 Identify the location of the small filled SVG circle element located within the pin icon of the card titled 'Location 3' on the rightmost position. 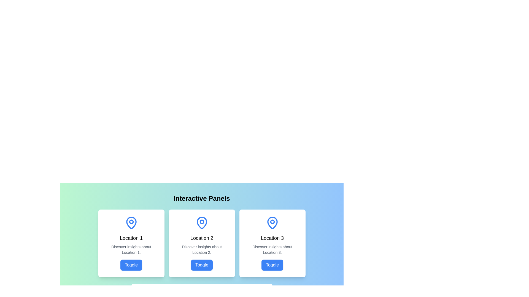
(272, 221).